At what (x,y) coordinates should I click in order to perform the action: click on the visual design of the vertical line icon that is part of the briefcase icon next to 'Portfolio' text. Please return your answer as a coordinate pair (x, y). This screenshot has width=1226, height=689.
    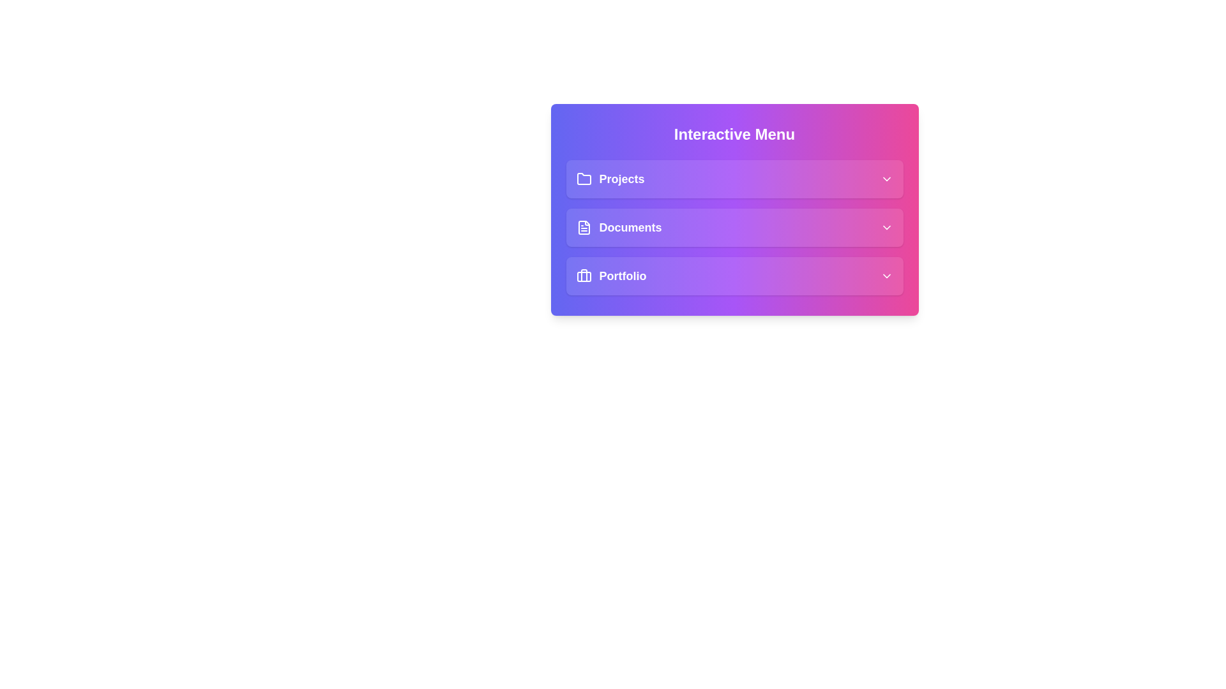
    Looking at the image, I should click on (583, 275).